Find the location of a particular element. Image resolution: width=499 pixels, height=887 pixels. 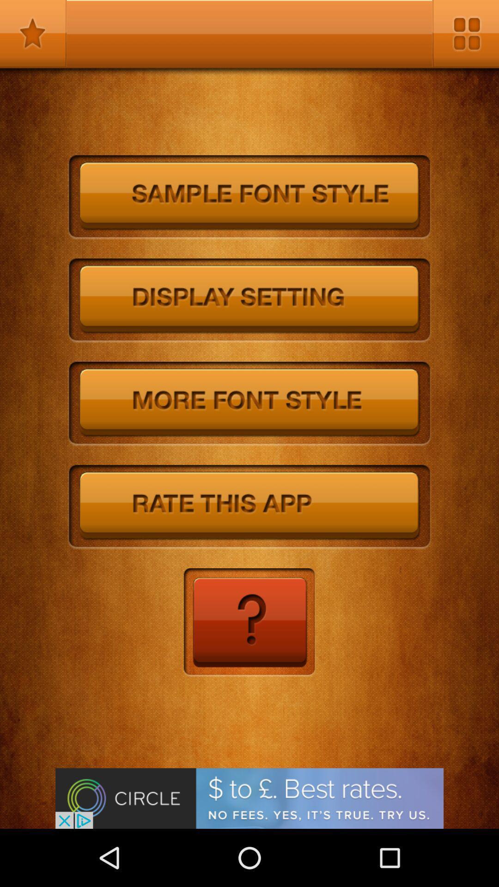

main menu options is located at coordinates (465, 33).